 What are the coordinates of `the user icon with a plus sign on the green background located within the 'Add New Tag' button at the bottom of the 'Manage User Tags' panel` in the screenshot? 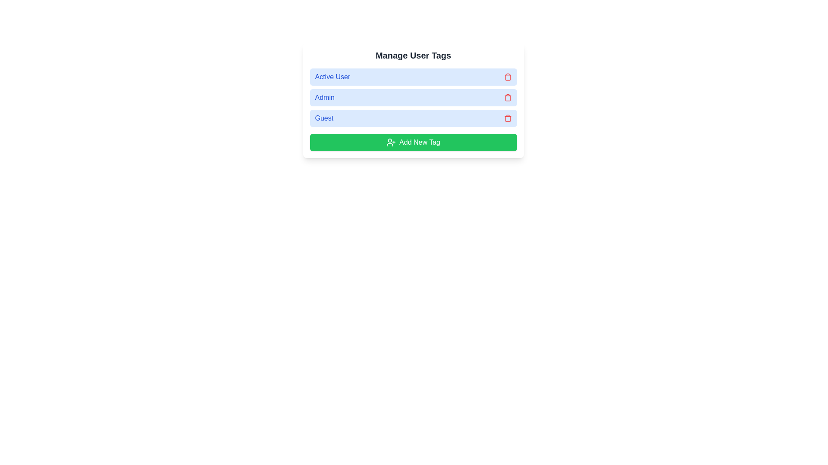 It's located at (391, 142).